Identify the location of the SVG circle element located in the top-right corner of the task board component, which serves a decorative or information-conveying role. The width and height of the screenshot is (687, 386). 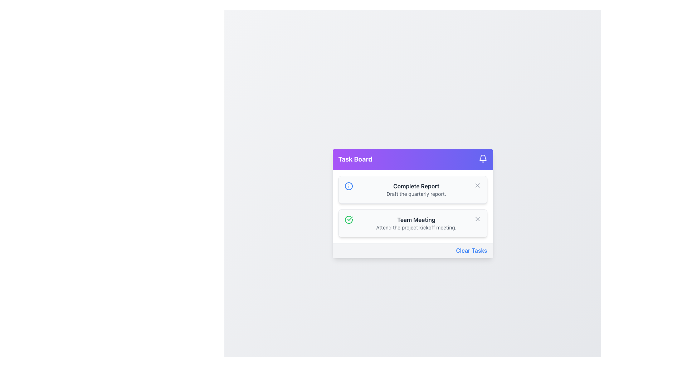
(349, 185).